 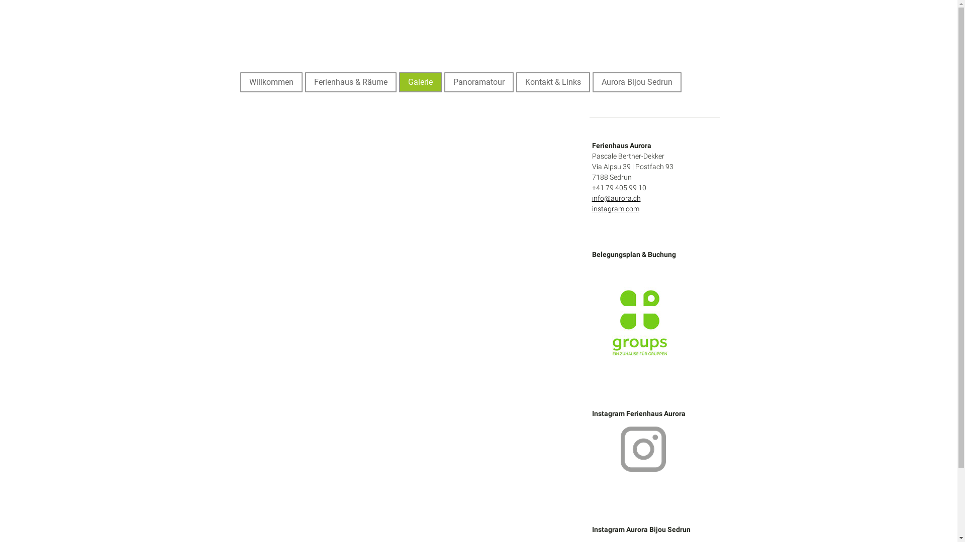 I want to click on 'Panoramatour', so click(x=478, y=82).